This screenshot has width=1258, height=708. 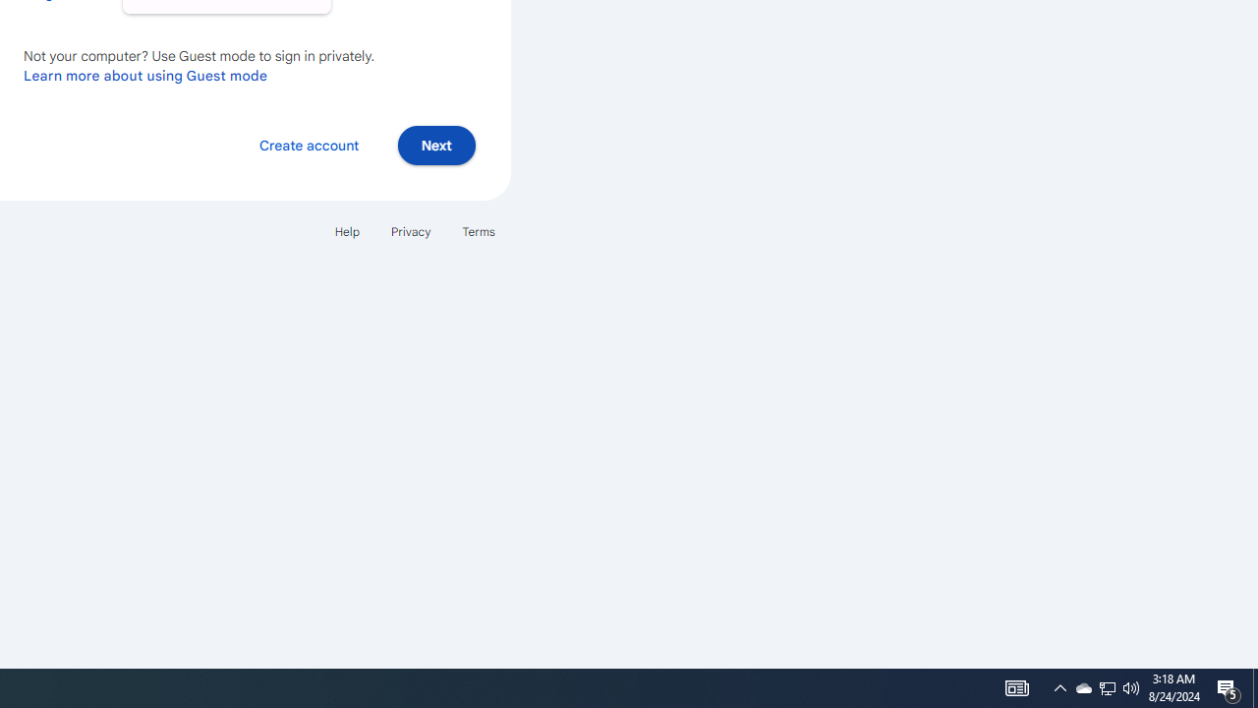 What do you see at coordinates (479, 230) in the screenshot?
I see `'Terms'` at bounding box center [479, 230].